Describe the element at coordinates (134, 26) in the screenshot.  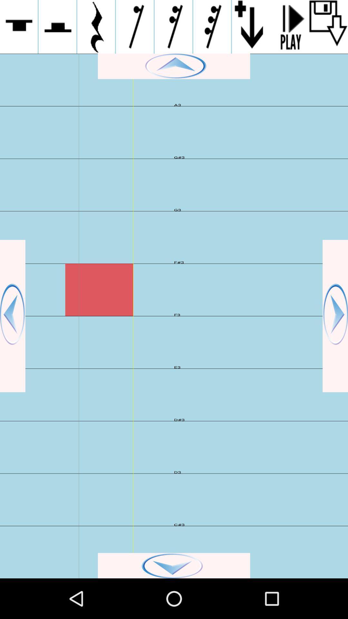
I see `apply eighth note to song` at that location.